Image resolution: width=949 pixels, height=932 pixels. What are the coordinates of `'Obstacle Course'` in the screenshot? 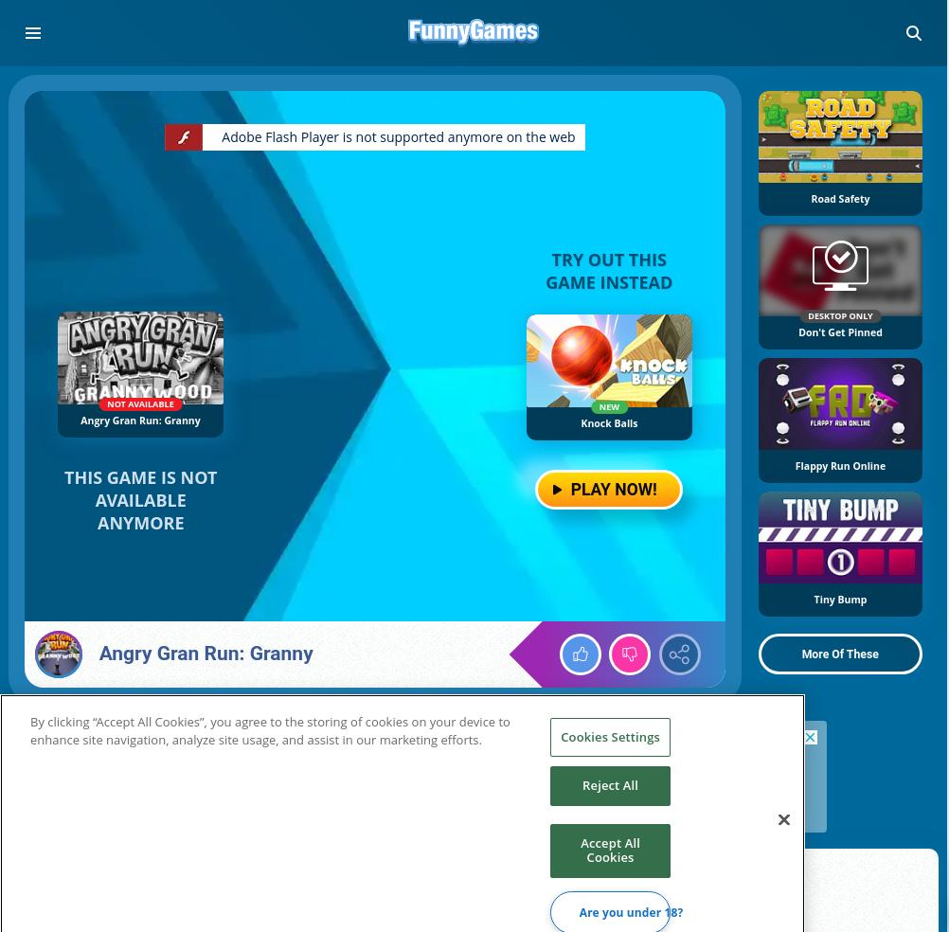 It's located at (252, 900).